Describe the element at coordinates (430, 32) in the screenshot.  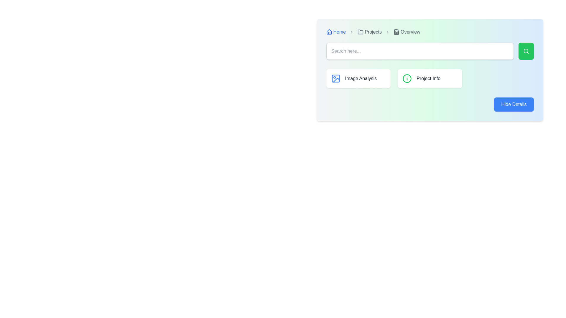
I see `the breadcrumb navigation control located at the top-left corner of the interface` at that location.